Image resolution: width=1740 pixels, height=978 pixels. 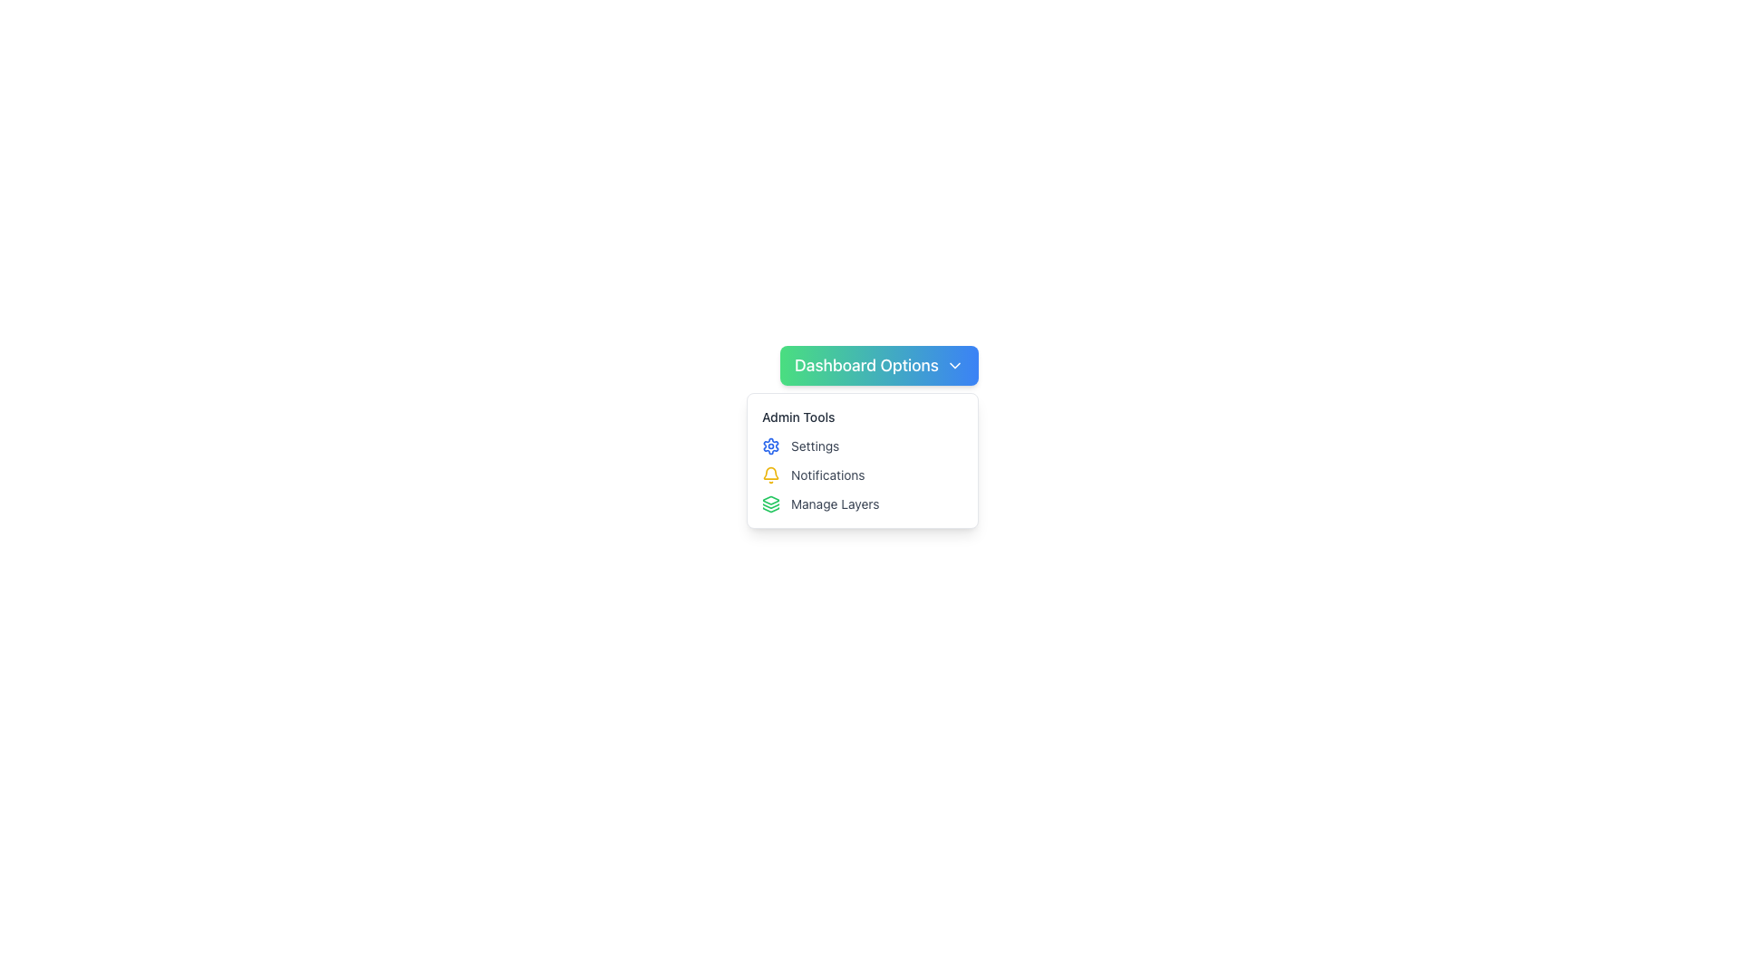 What do you see at coordinates (861, 474) in the screenshot?
I see `the 'Notifications' button, which features a yellow bell icon followed by the text 'Notifications'` at bounding box center [861, 474].